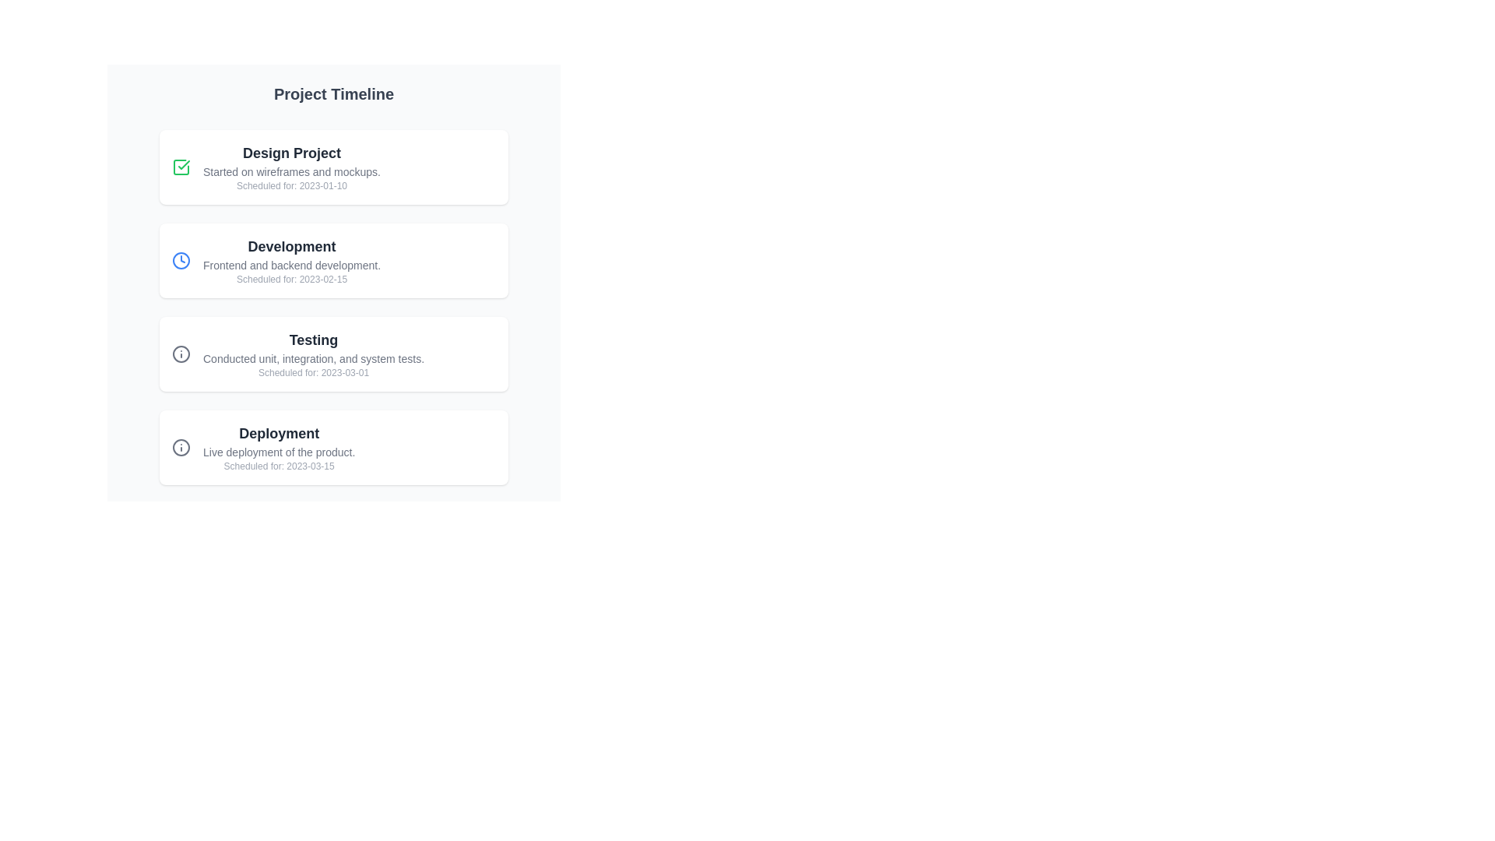 This screenshot has width=1495, height=841. Describe the element at coordinates (279, 433) in the screenshot. I see `the 'Deployment' text label, which serves as the section title within the project timeline card, helping users identify the content described in this particular card` at that location.